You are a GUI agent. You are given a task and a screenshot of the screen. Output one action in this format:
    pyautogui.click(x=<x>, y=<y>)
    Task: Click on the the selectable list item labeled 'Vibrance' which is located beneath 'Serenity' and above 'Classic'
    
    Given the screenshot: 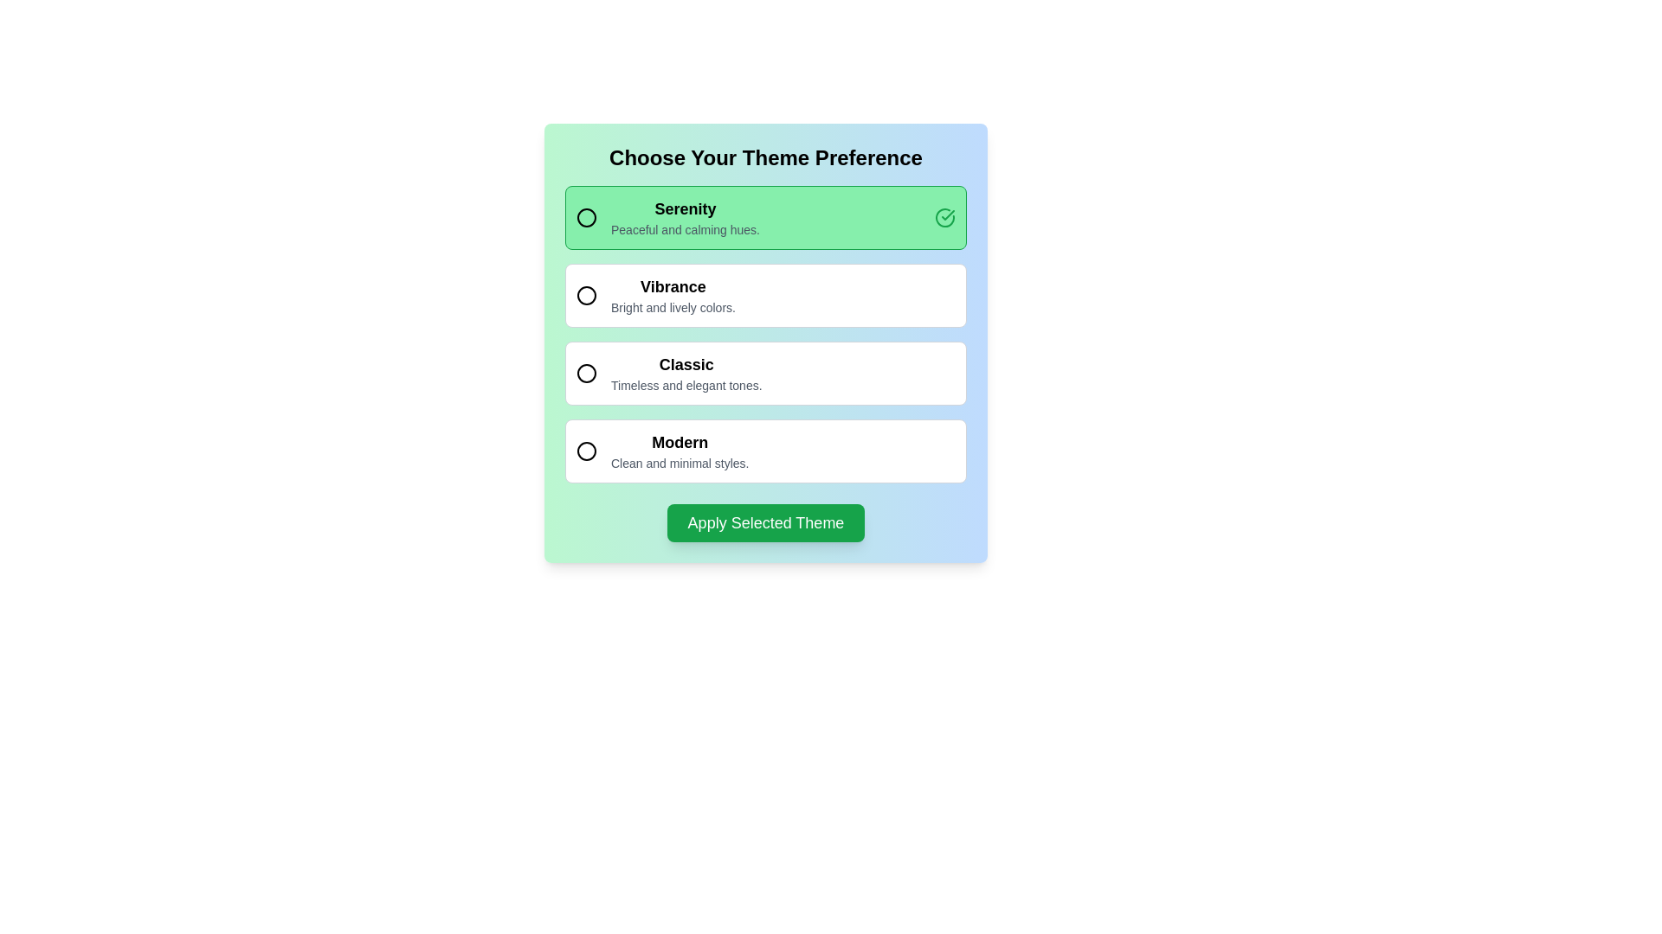 What is the action you would take?
    pyautogui.click(x=655, y=295)
    